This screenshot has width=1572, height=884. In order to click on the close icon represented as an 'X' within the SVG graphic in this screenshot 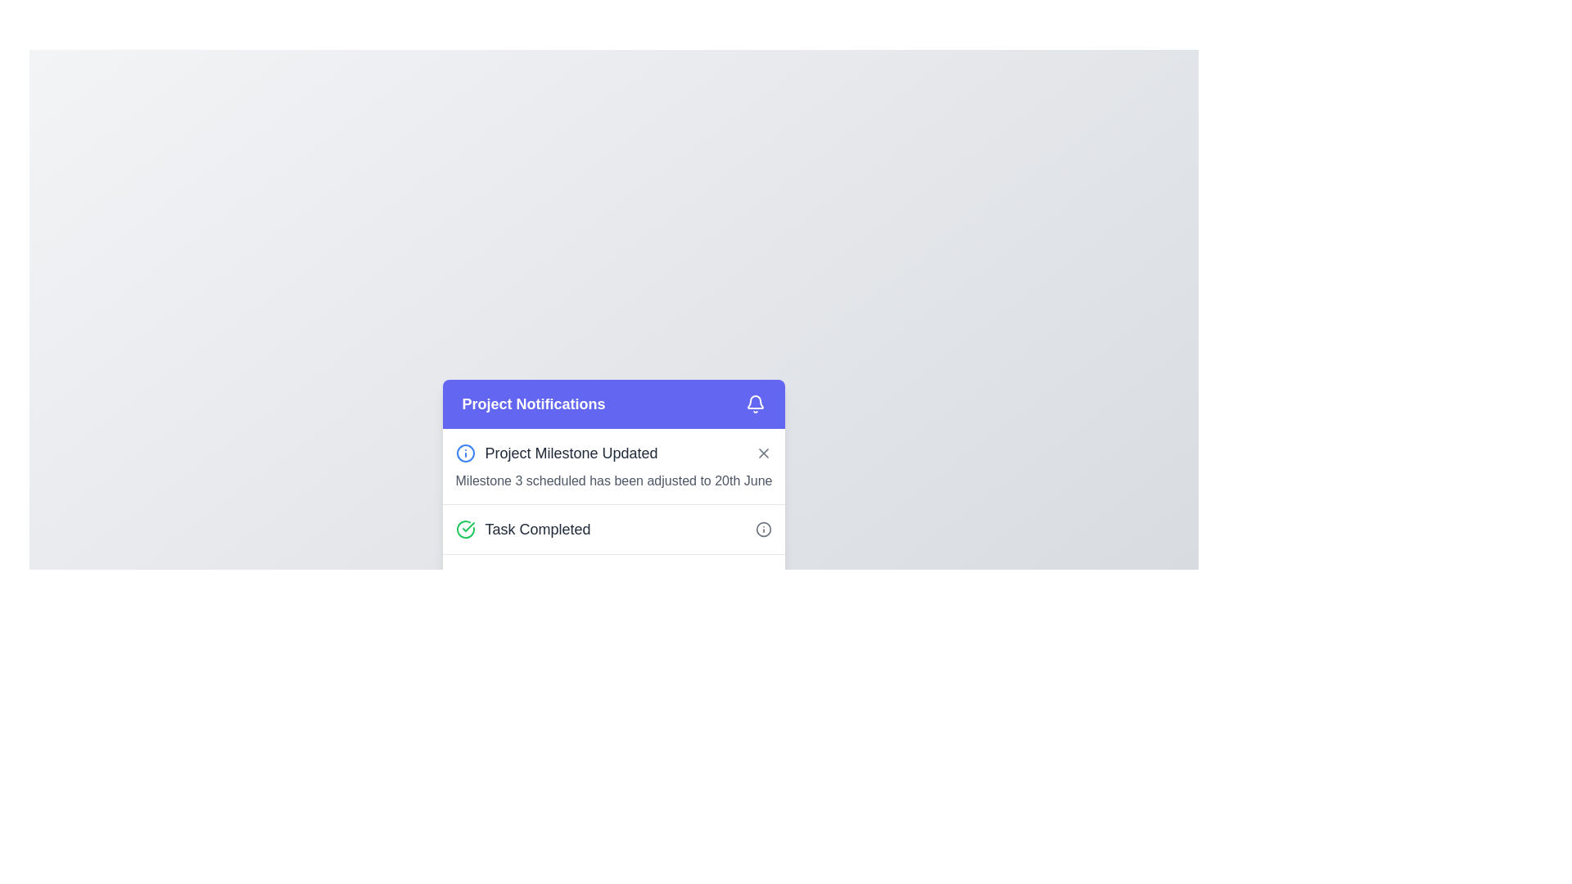, I will do `click(763, 453)`.